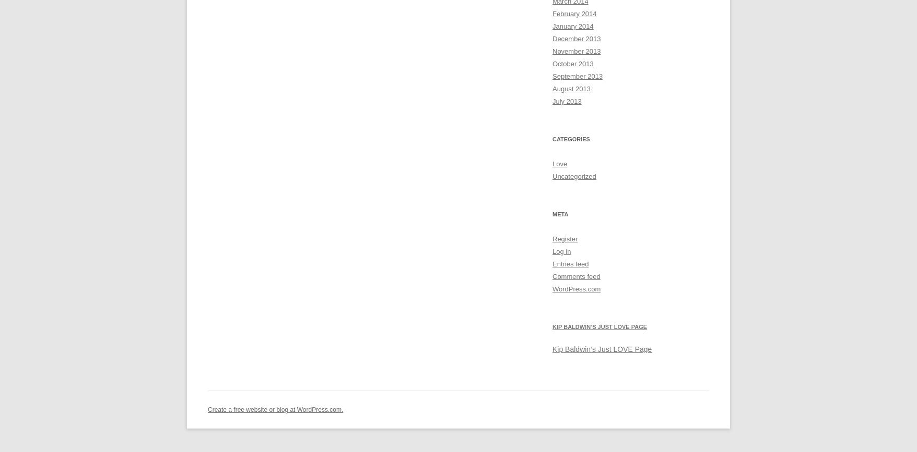  I want to click on 'November 2013', so click(551, 51).